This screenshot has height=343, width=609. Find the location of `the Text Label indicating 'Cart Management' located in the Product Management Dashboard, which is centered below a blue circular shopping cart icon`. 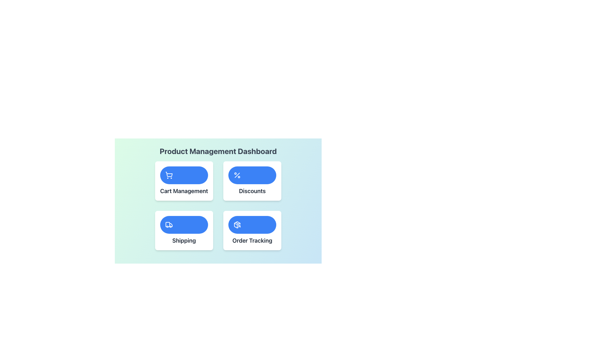

the Text Label indicating 'Cart Management' located in the Product Management Dashboard, which is centered below a blue circular shopping cart icon is located at coordinates (184, 191).